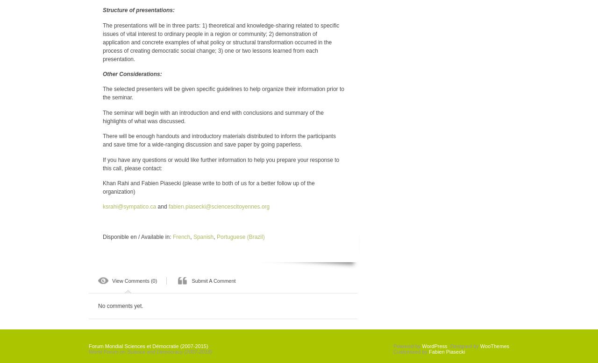  Describe the element at coordinates (162, 206) in the screenshot. I see `'and'` at that location.